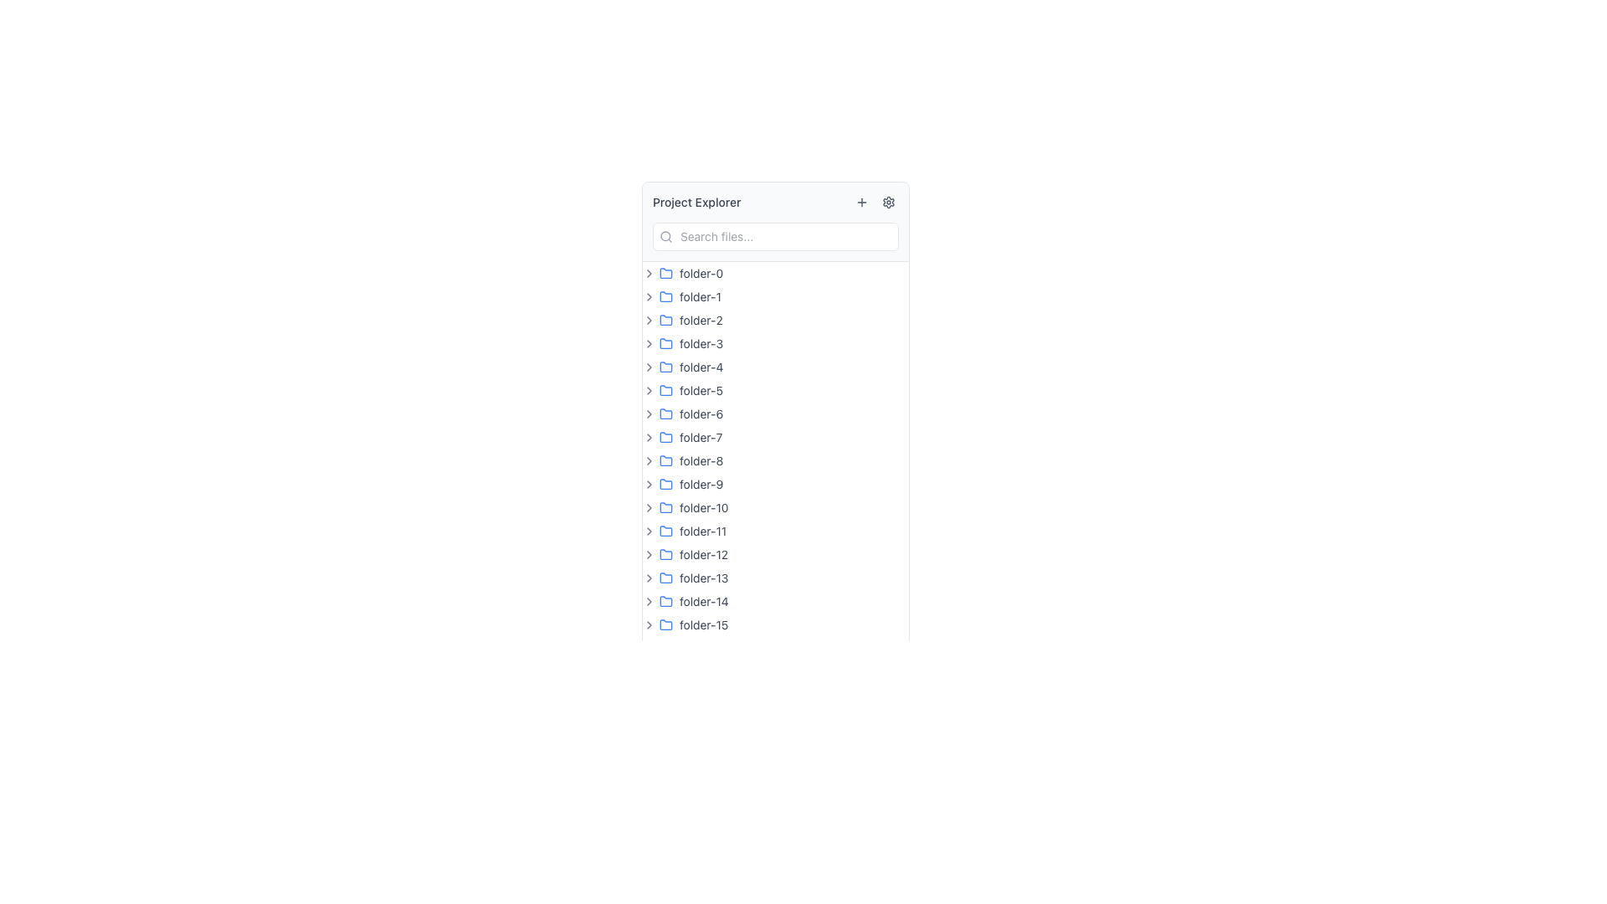 This screenshot has height=904, width=1607. What do you see at coordinates (665, 600) in the screenshot?
I see `the folder icon representing 'folder-14'` at bounding box center [665, 600].